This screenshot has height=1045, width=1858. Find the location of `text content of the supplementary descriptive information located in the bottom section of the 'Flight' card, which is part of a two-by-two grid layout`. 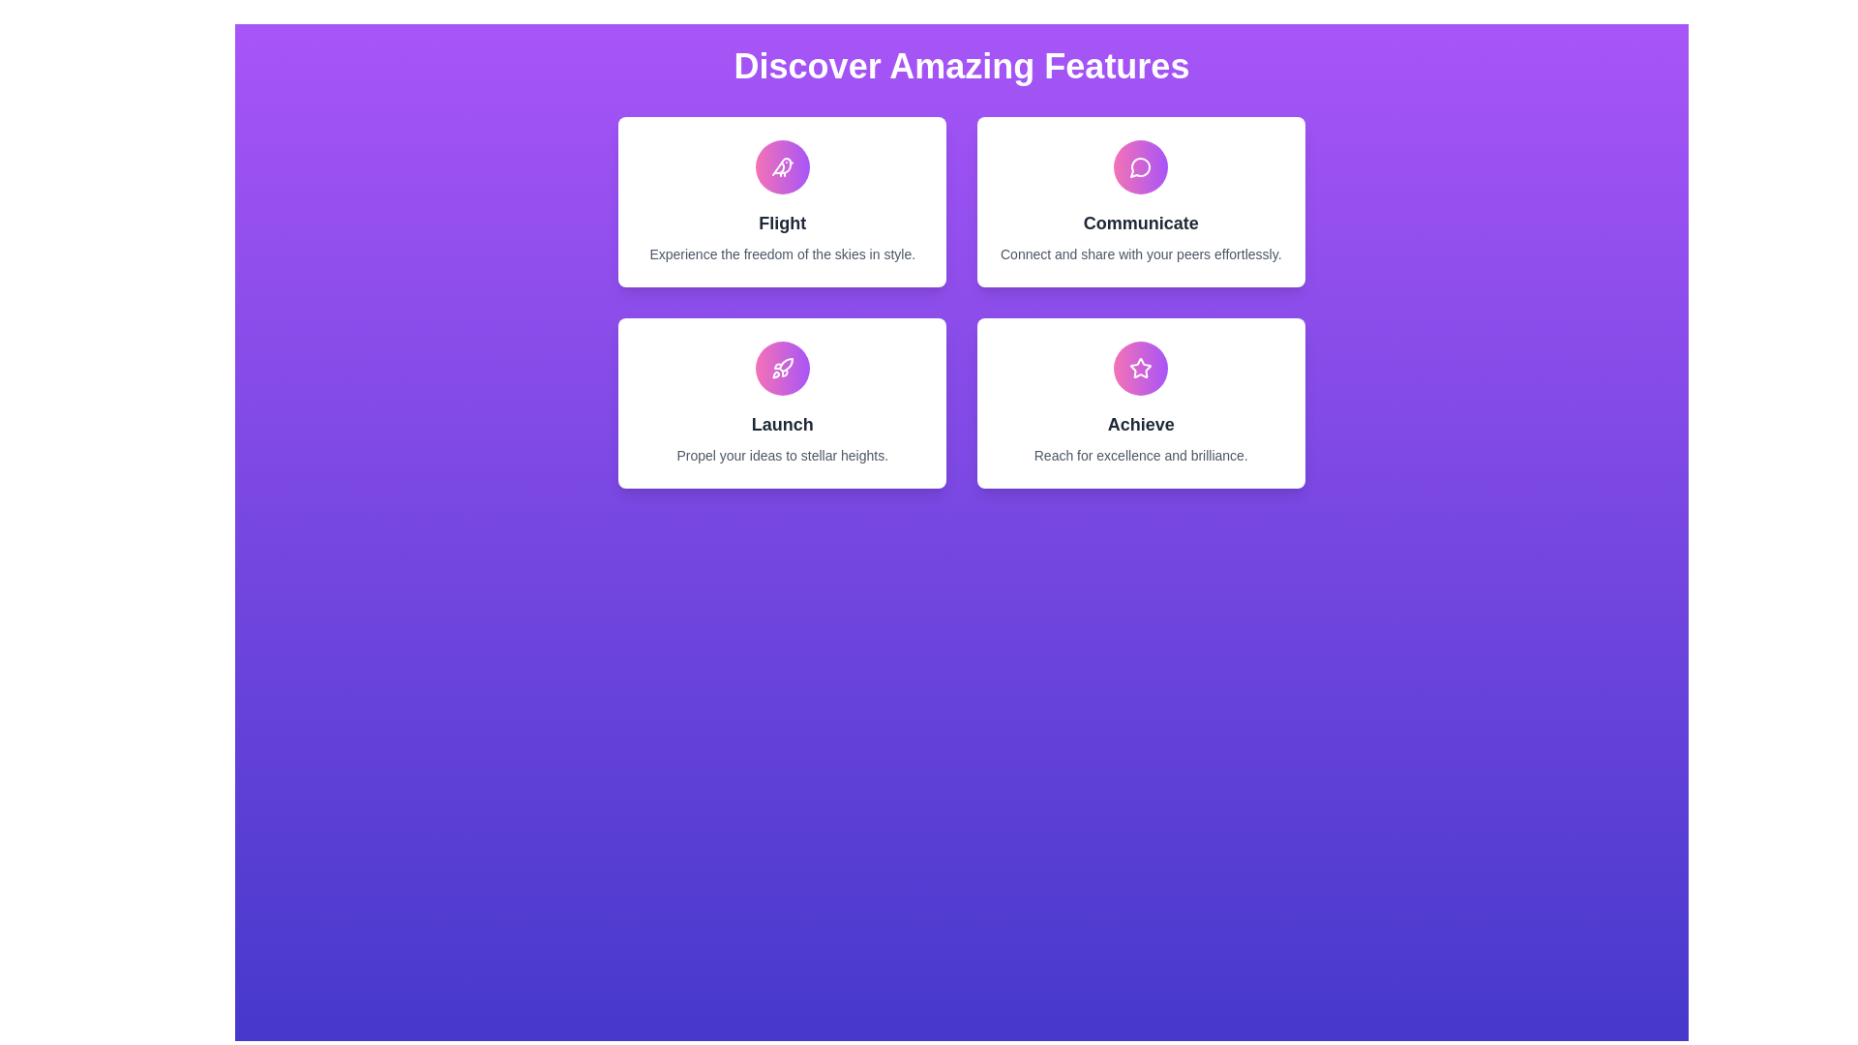

text content of the supplementary descriptive information located in the bottom section of the 'Flight' card, which is part of a two-by-two grid layout is located at coordinates (782, 253).